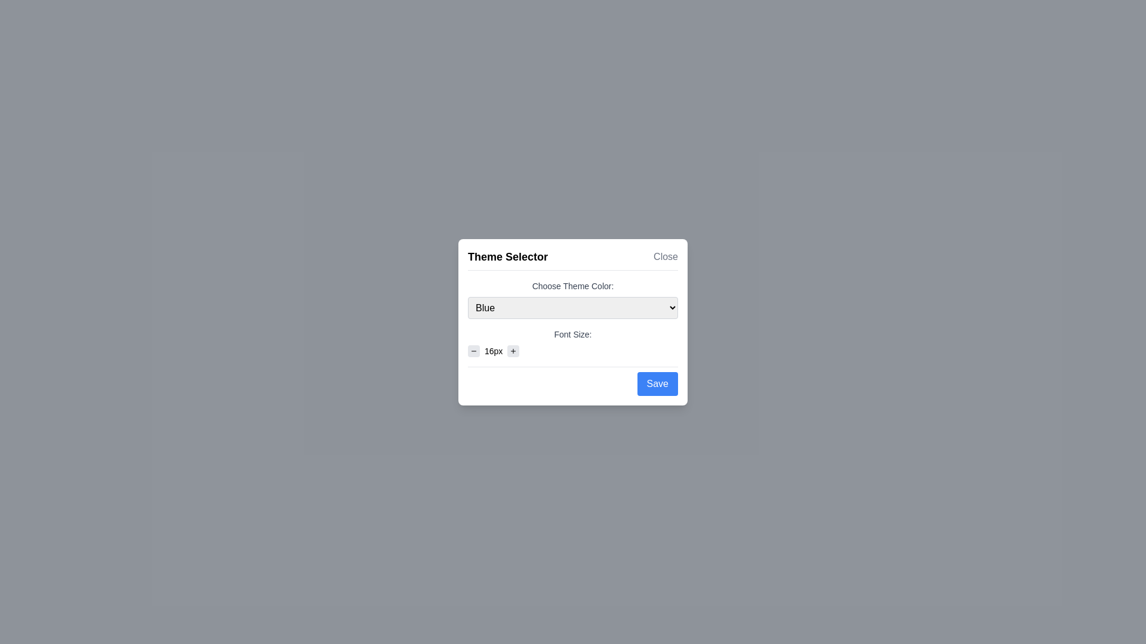 The height and width of the screenshot is (644, 1146). I want to click on the small gray button with a plus sign icon, located to the right of the text '16px', so click(513, 350).